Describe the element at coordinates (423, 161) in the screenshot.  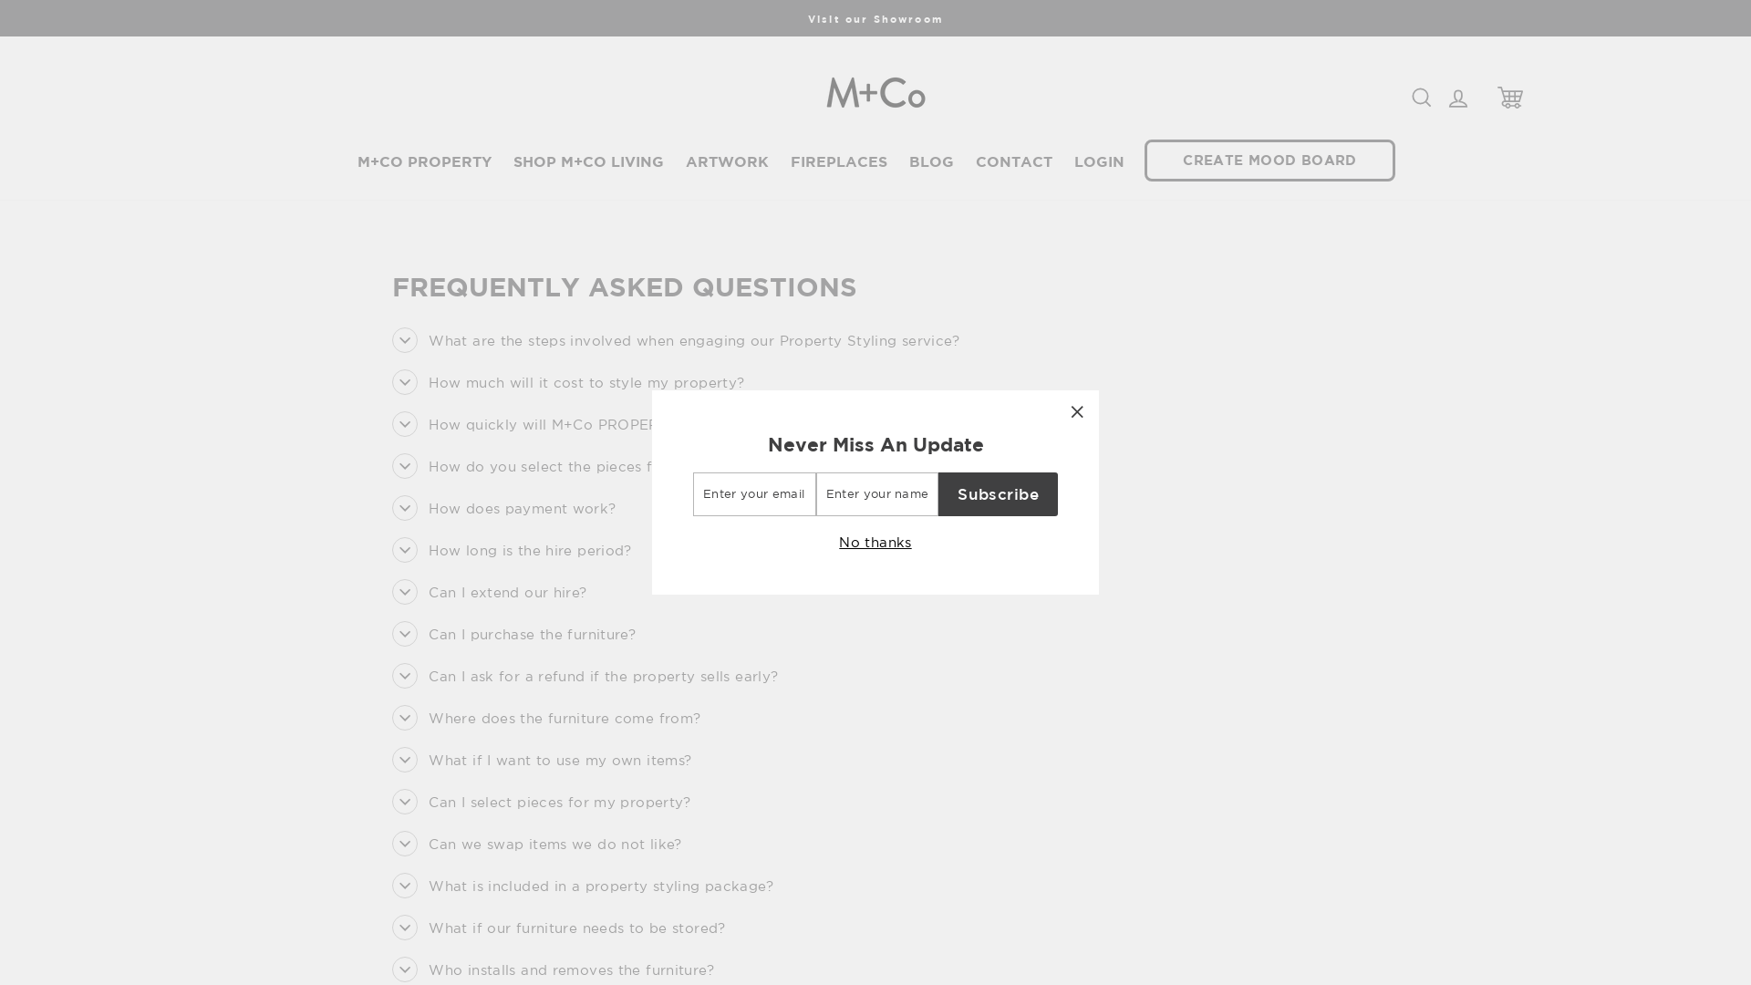
I see `'M+CO PROPERTY'` at that location.